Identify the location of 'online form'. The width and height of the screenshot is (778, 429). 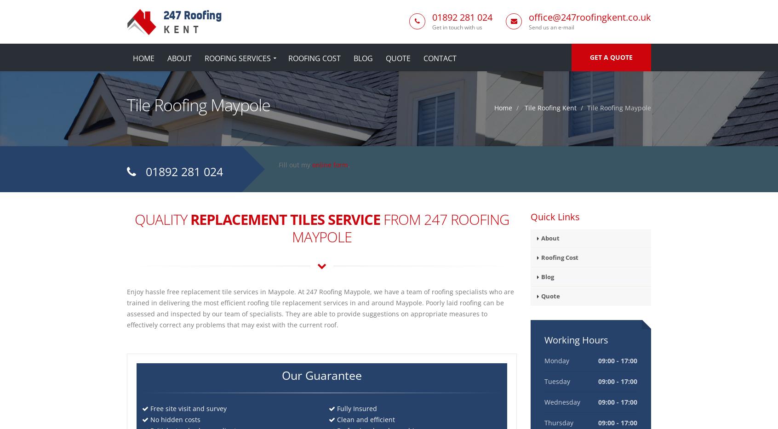
(312, 164).